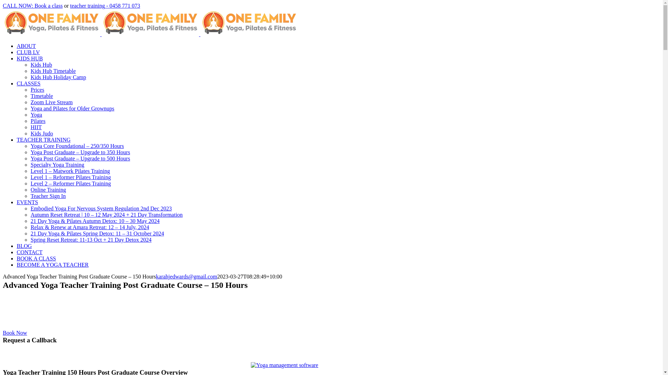  I want to click on 'Teacher Sign In', so click(48, 196).